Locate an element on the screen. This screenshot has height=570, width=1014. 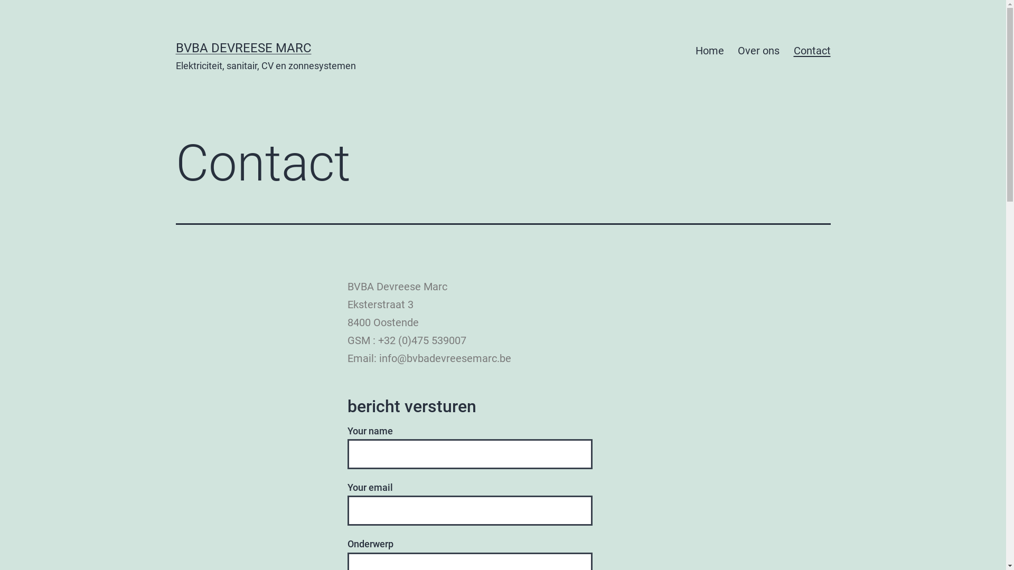
'Over ons' is located at coordinates (758, 51).